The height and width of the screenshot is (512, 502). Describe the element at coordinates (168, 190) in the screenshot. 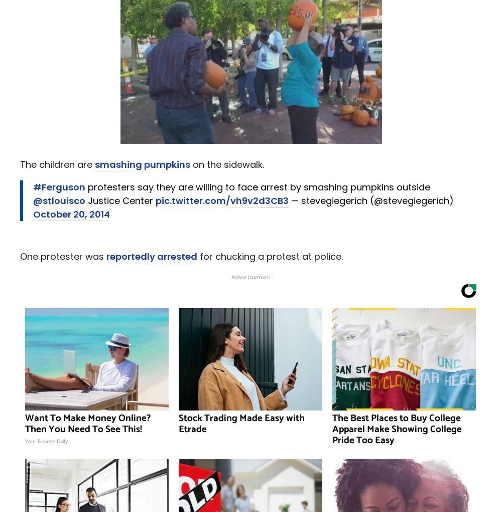

I see `''Horses Can Feel Her': Meet the 2-Year-Old 'Horse Whisperer''` at that location.